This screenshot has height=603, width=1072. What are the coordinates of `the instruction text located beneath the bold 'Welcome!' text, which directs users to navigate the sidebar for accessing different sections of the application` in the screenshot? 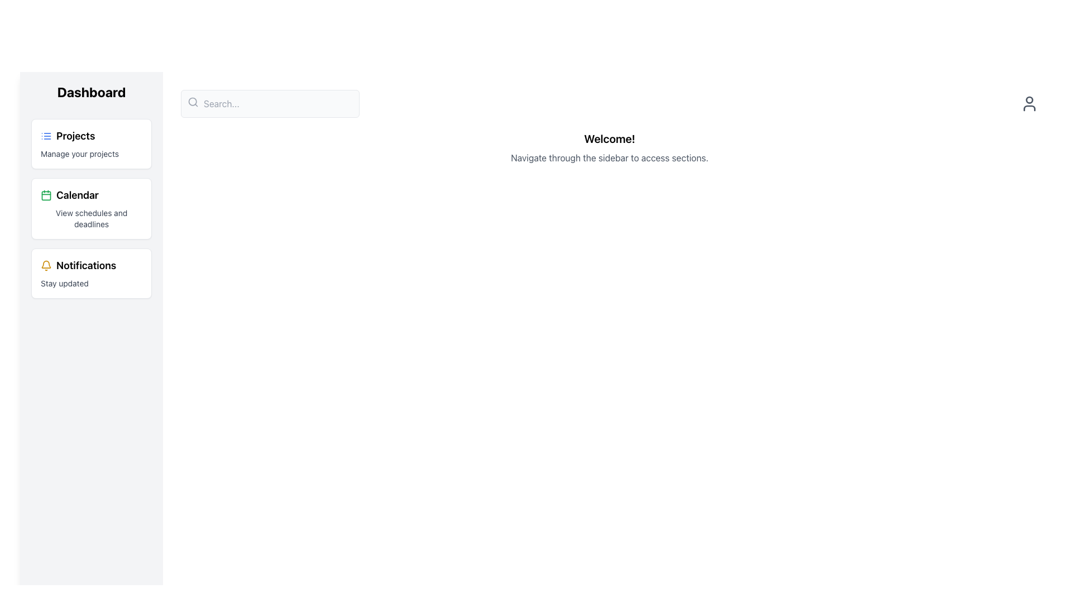 It's located at (609, 157).